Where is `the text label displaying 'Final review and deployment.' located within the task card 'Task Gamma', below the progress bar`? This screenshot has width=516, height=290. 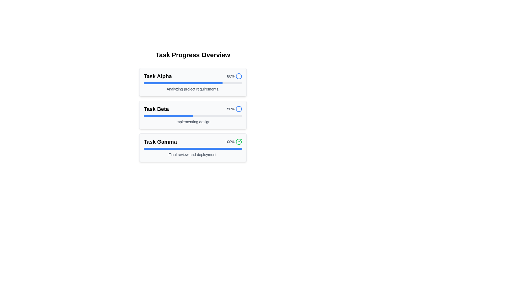
the text label displaying 'Final review and deployment.' located within the task card 'Task Gamma', below the progress bar is located at coordinates (193, 154).